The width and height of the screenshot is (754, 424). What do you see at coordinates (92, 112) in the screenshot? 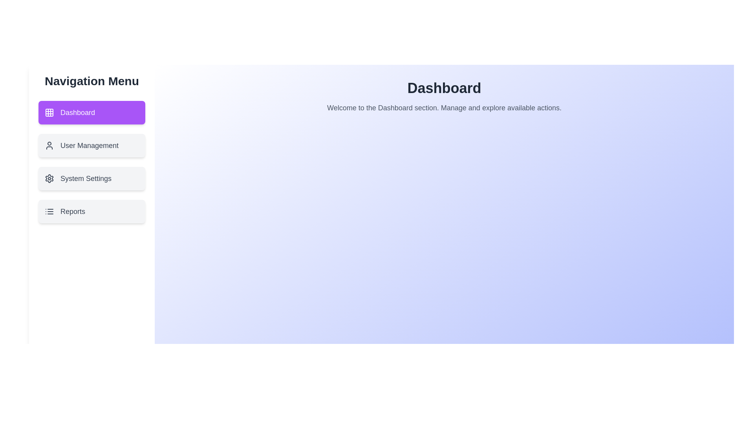
I see `the menu item labeled Dashboard to navigate to its corresponding section` at bounding box center [92, 112].